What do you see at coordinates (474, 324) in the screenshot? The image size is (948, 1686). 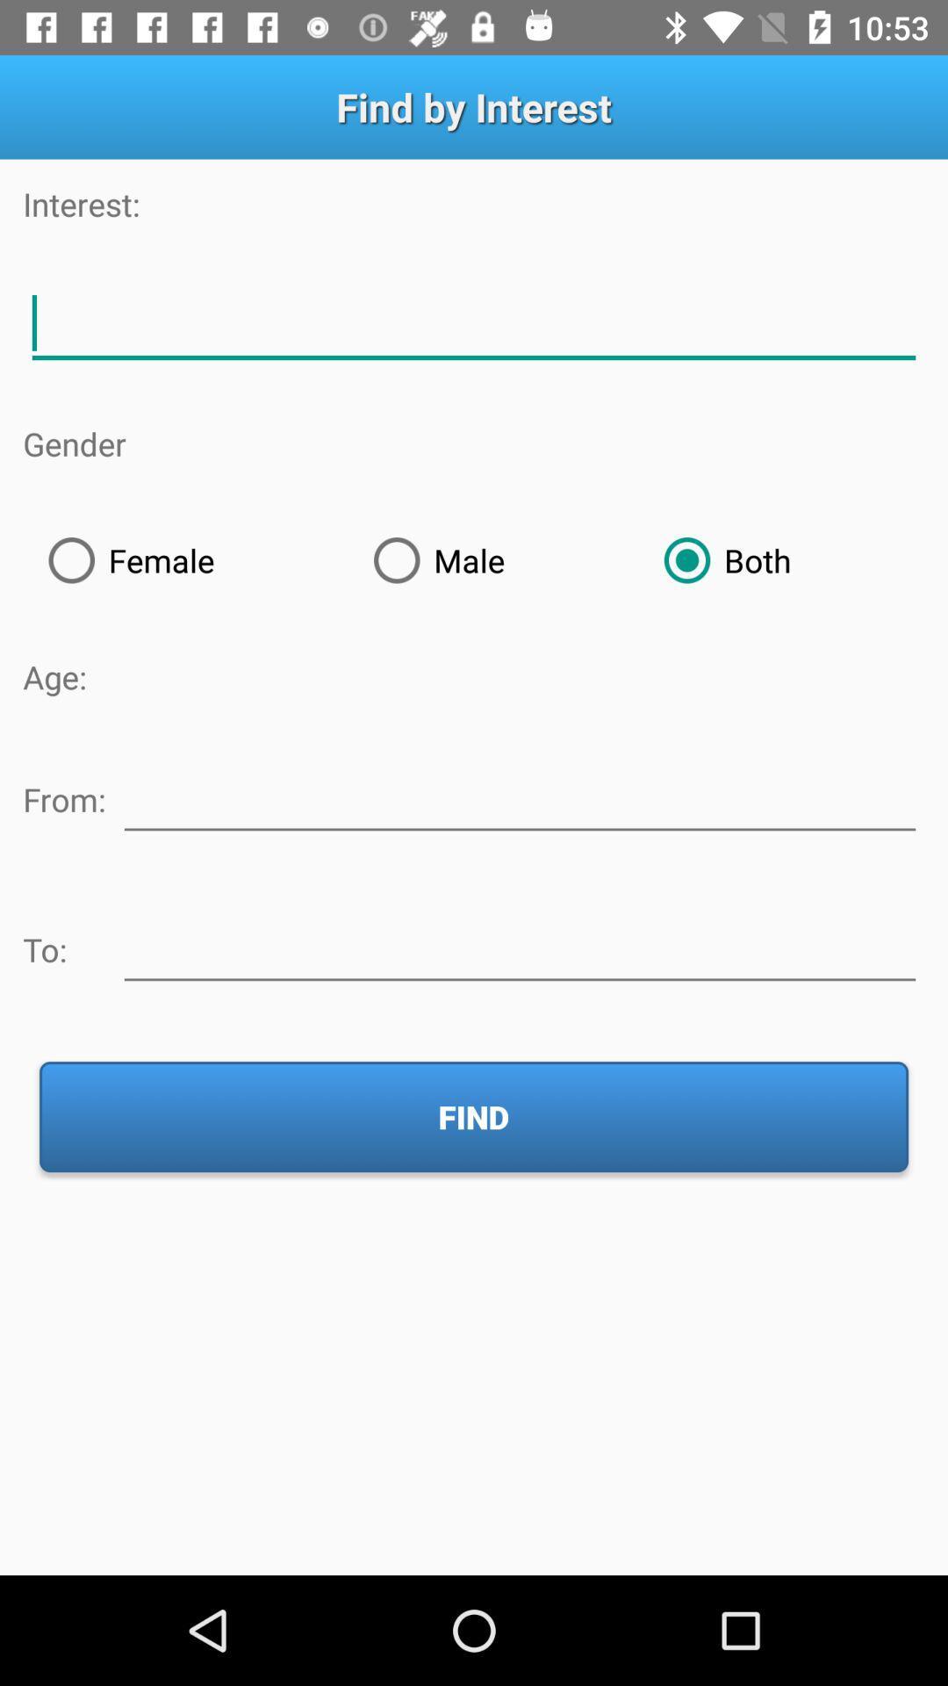 I see `text adding option` at bounding box center [474, 324].